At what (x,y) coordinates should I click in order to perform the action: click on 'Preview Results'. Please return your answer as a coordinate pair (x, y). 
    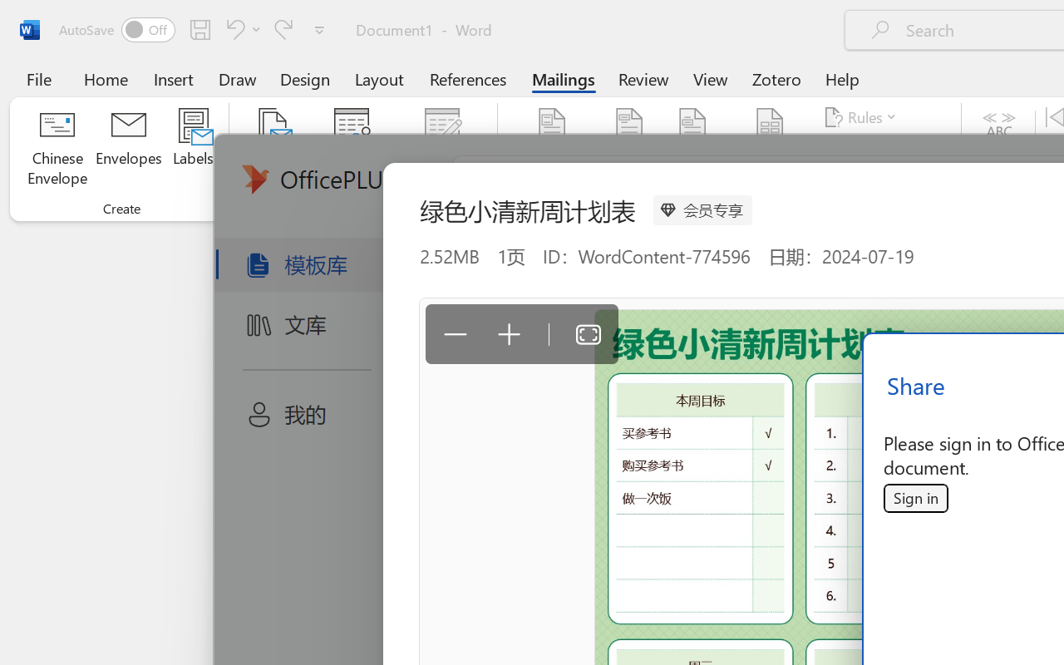
    Looking at the image, I should click on (998, 149).